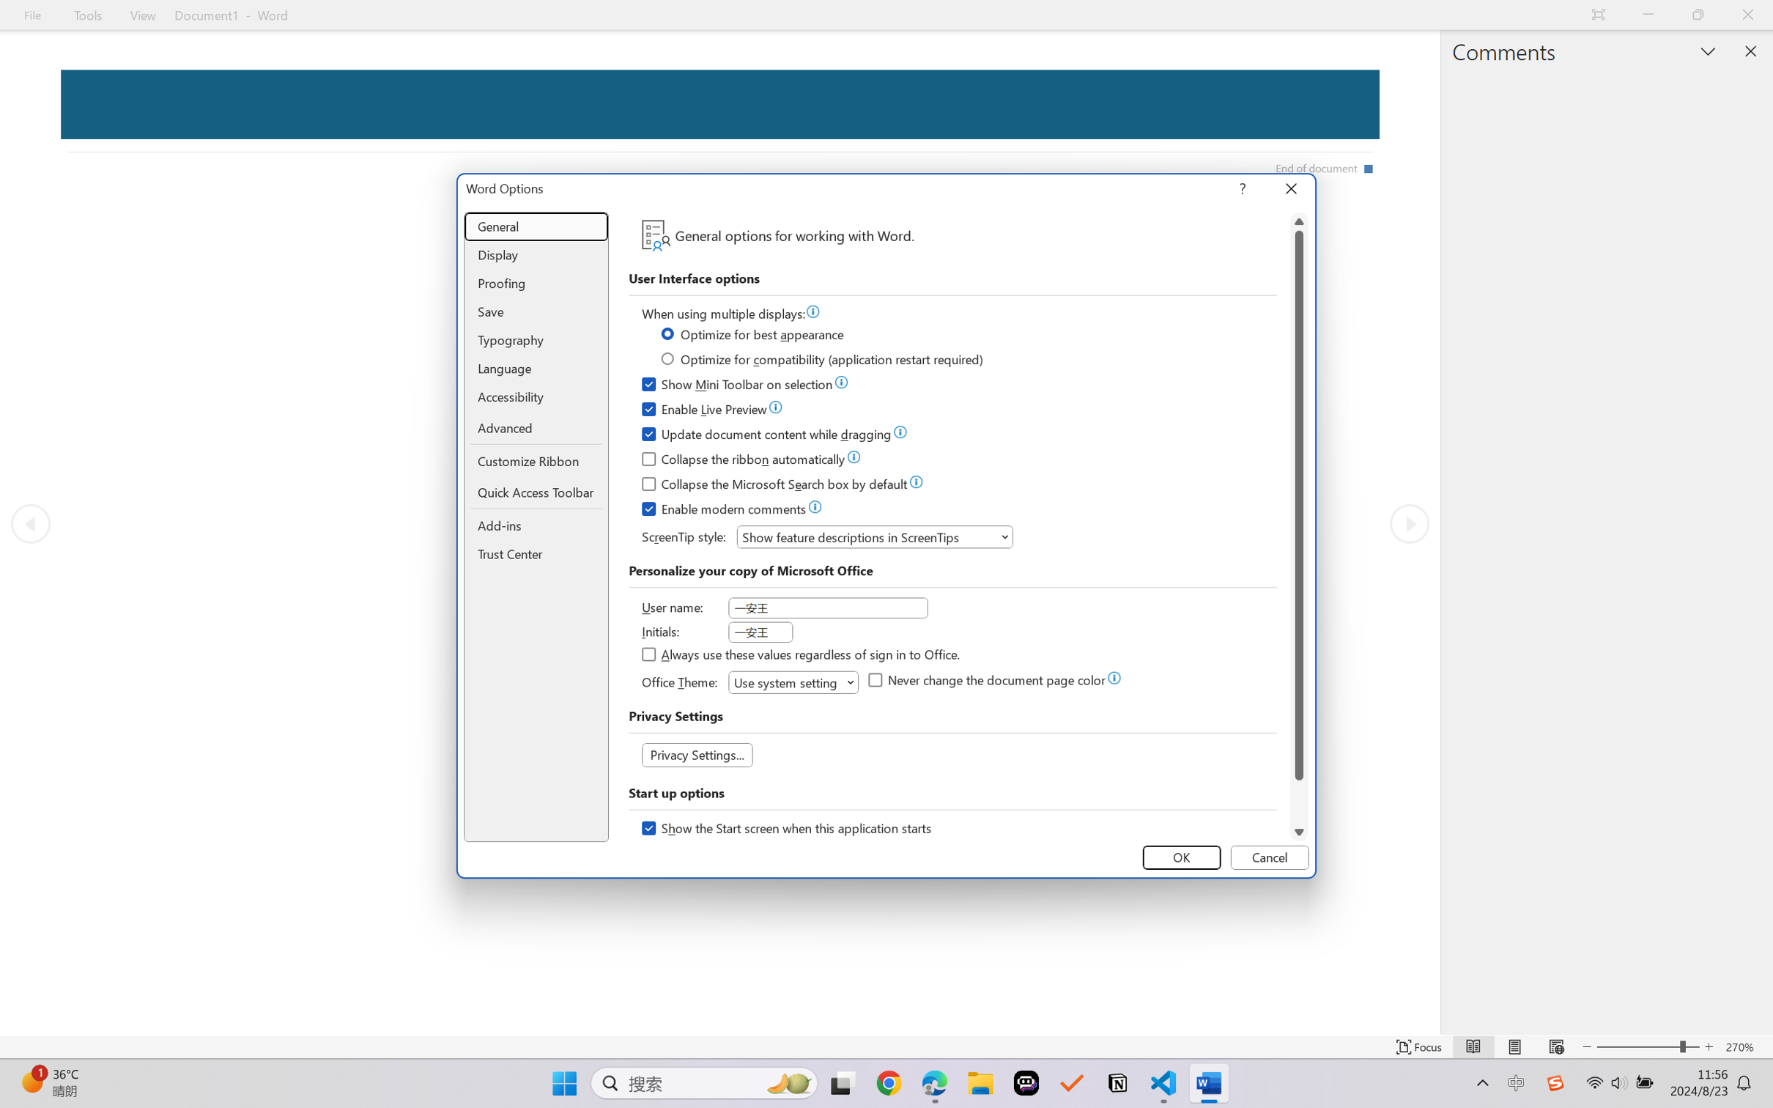 The height and width of the screenshot is (1108, 1773). What do you see at coordinates (536, 429) in the screenshot?
I see `'Advanced'` at bounding box center [536, 429].